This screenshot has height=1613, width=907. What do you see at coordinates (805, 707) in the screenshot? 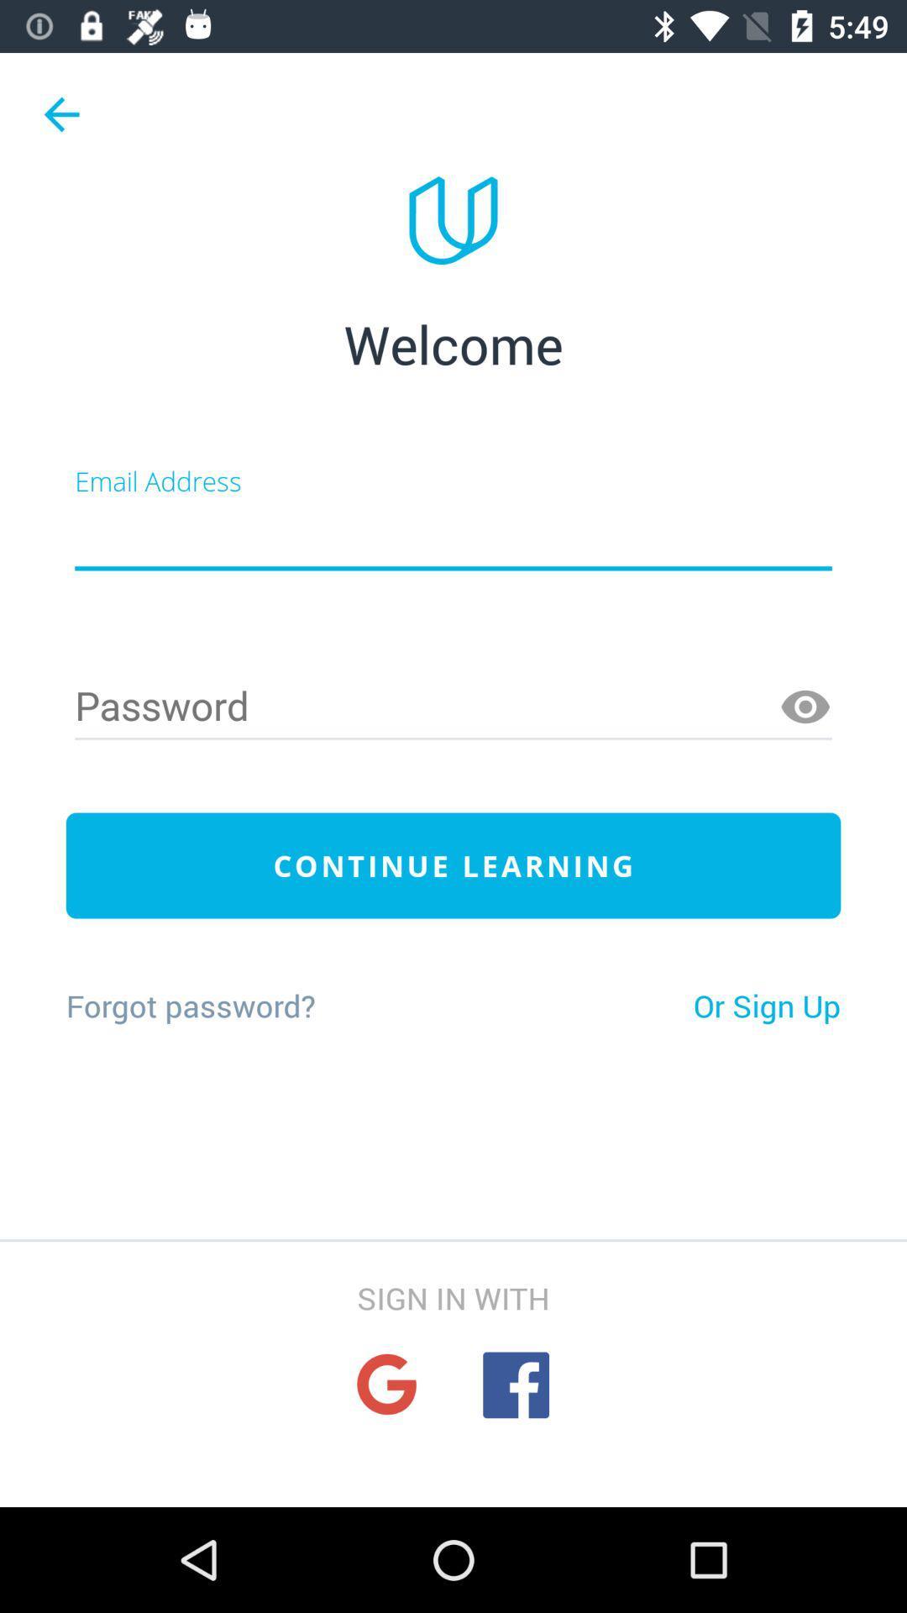
I see `hide password` at bounding box center [805, 707].